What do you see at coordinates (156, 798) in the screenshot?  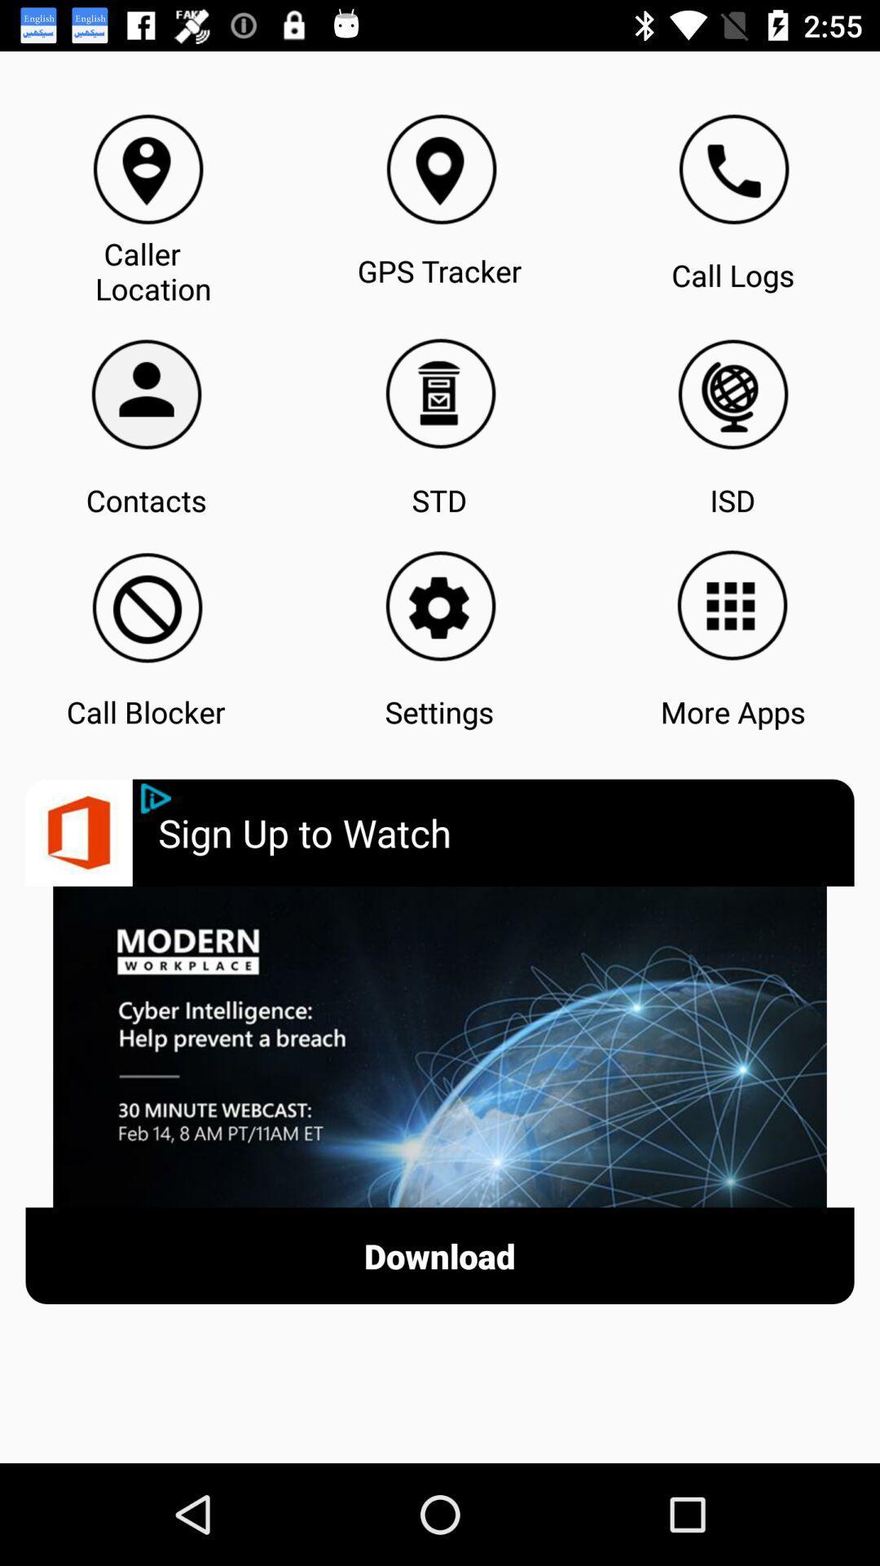 I see `options for this add` at bounding box center [156, 798].